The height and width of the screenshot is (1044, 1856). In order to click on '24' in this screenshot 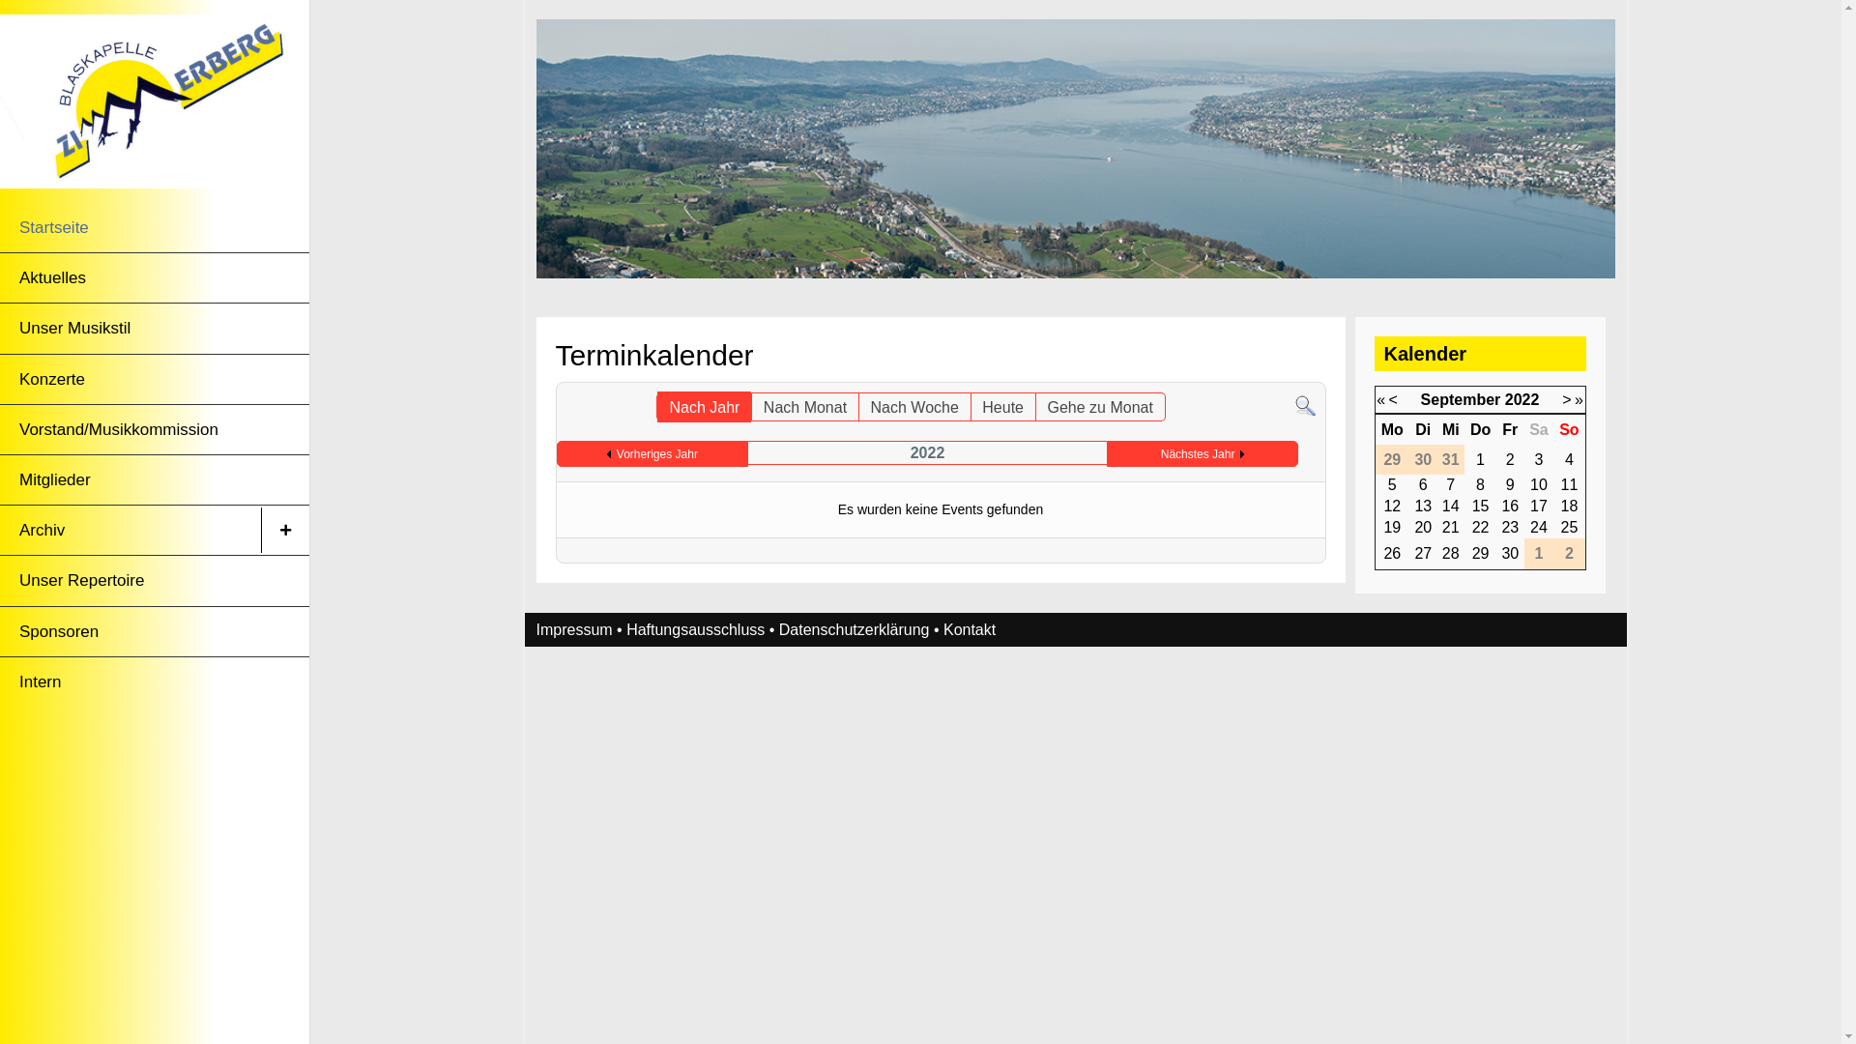, I will do `click(1538, 527)`.